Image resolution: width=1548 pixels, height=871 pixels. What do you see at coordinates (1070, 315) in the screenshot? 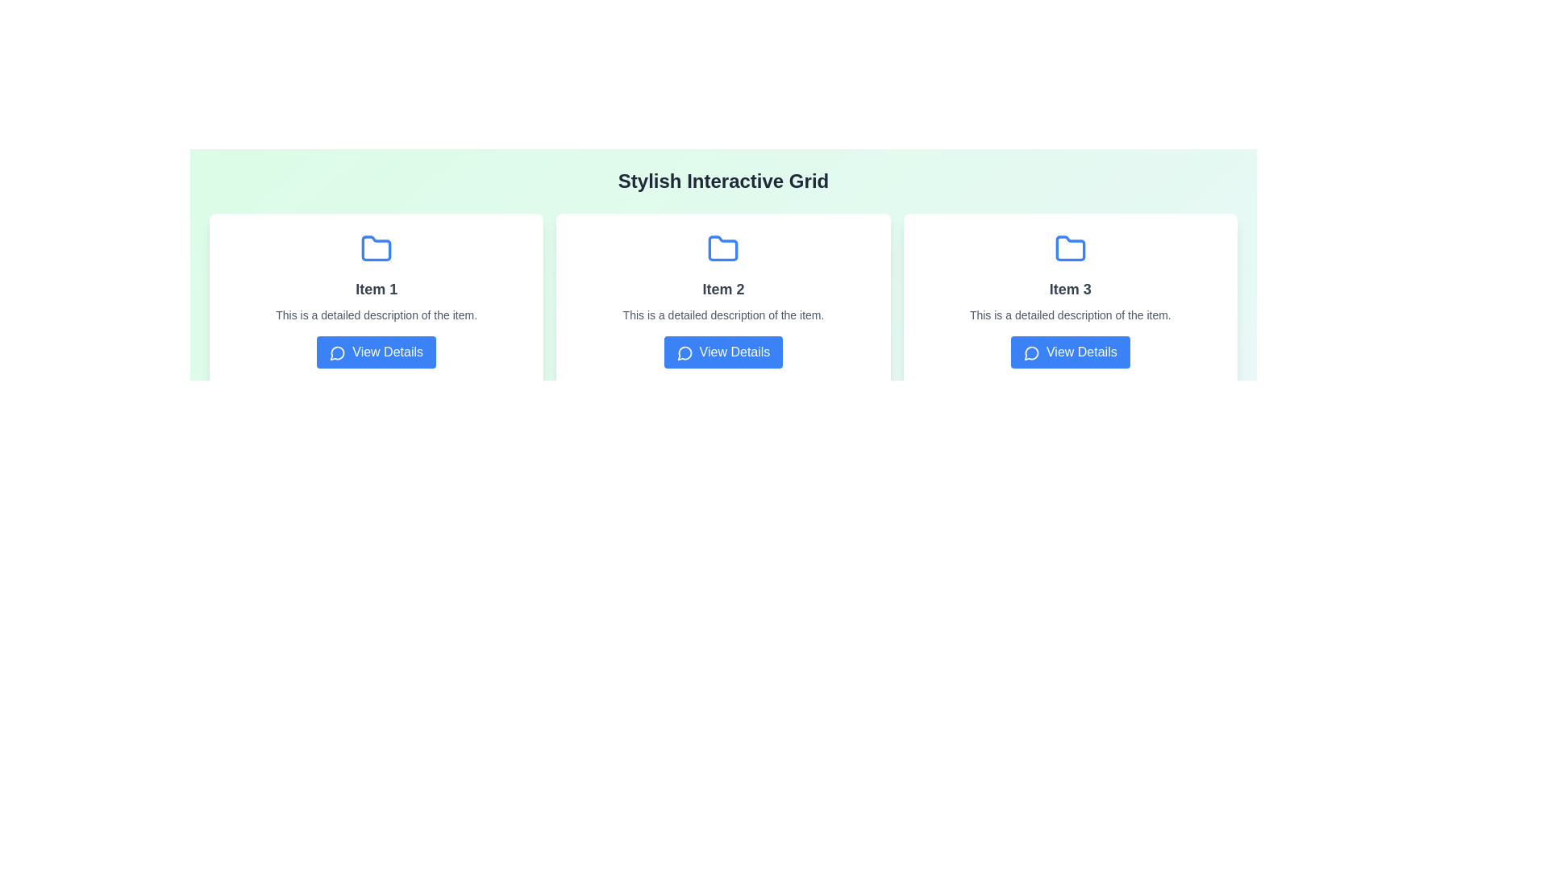
I see `the small-sized, gray text block that states 'This is a detailed description of the item.' located below the title 'Item 3' and above the 'View Details' button in the card layout` at bounding box center [1070, 315].